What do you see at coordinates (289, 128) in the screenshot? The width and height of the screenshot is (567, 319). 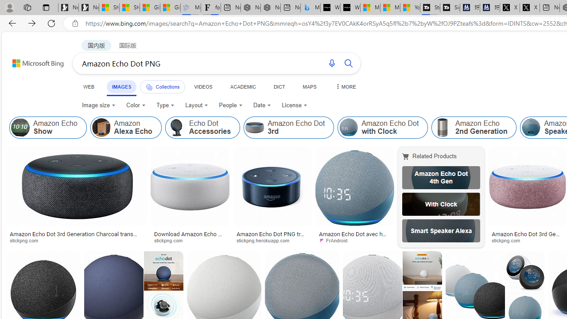 I see `'Amazon Echo Dot 3rd'` at bounding box center [289, 128].